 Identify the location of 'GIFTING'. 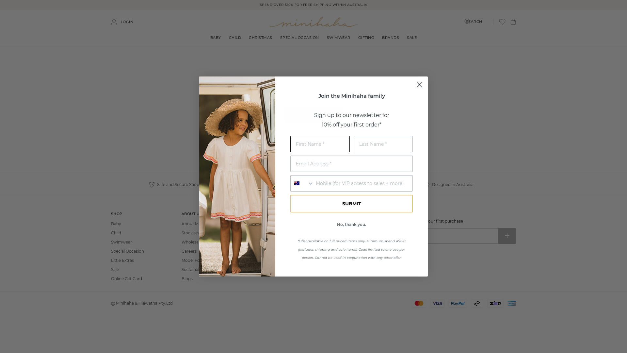
(366, 38).